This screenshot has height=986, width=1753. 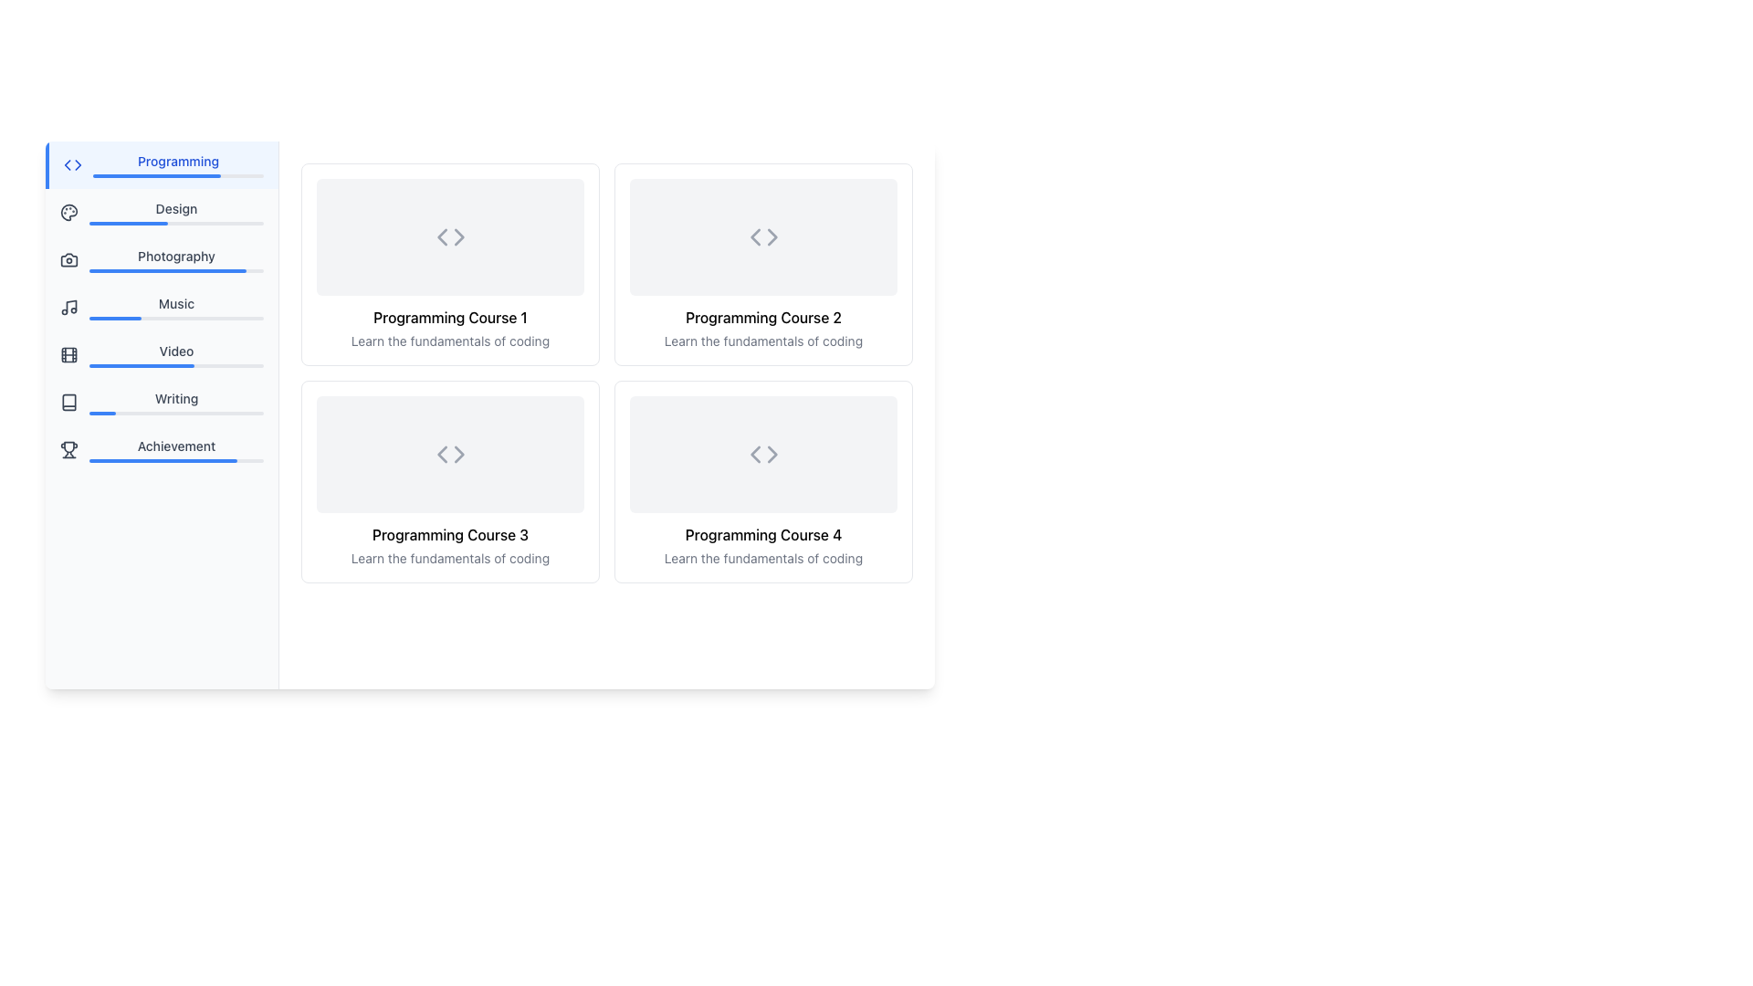 I want to click on the progress bar, so click(x=91, y=366).